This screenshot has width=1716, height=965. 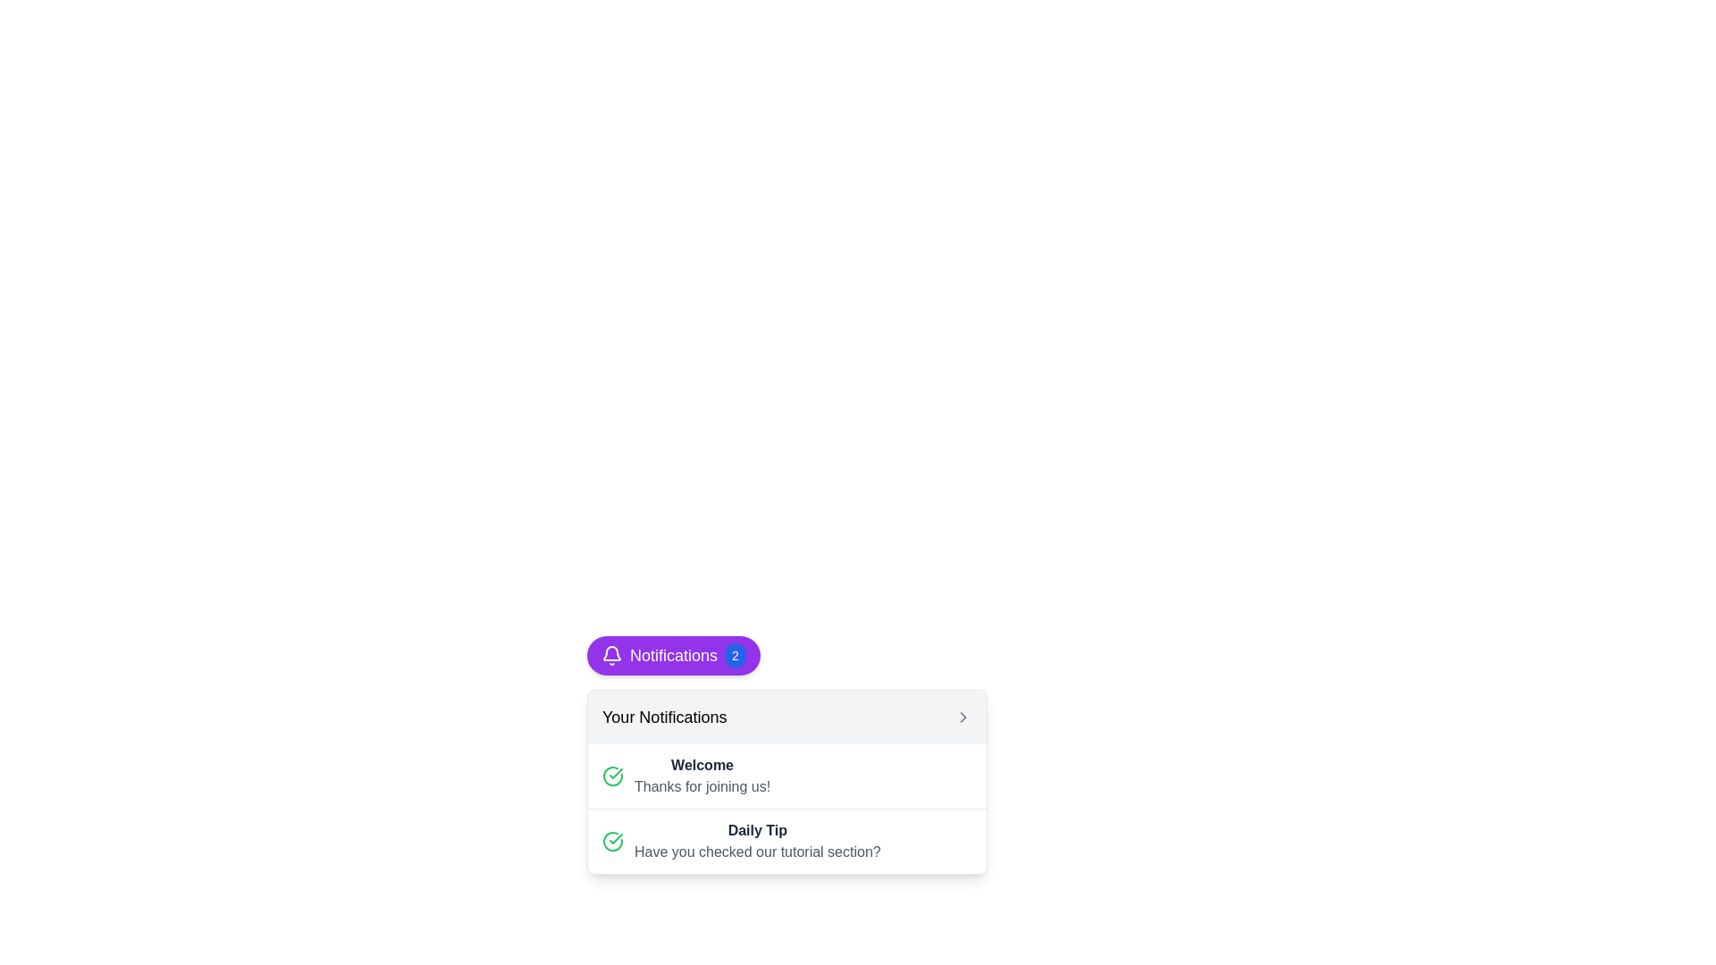 I want to click on the notifications badge, which indicates the number of notifications and is located at the top-right corner of the purple 'Notifications' button, so click(x=735, y=655).